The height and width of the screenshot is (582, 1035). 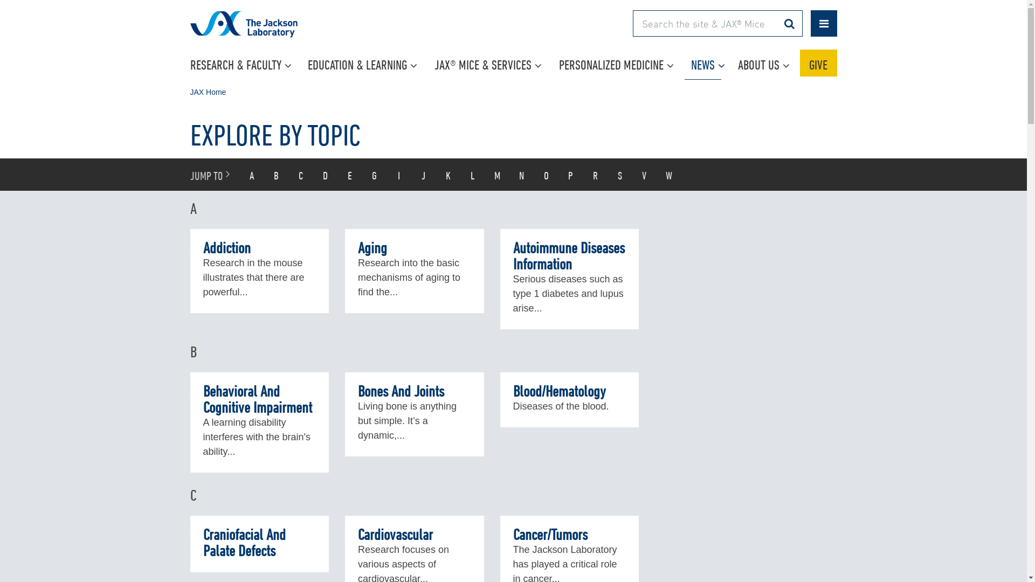 What do you see at coordinates (208, 91) in the screenshot?
I see `'JAX Home'` at bounding box center [208, 91].